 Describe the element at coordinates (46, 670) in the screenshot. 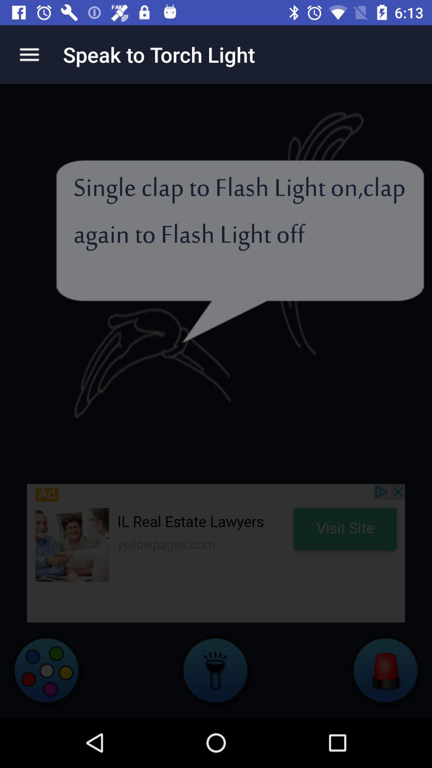

I see `the settings icon` at that location.